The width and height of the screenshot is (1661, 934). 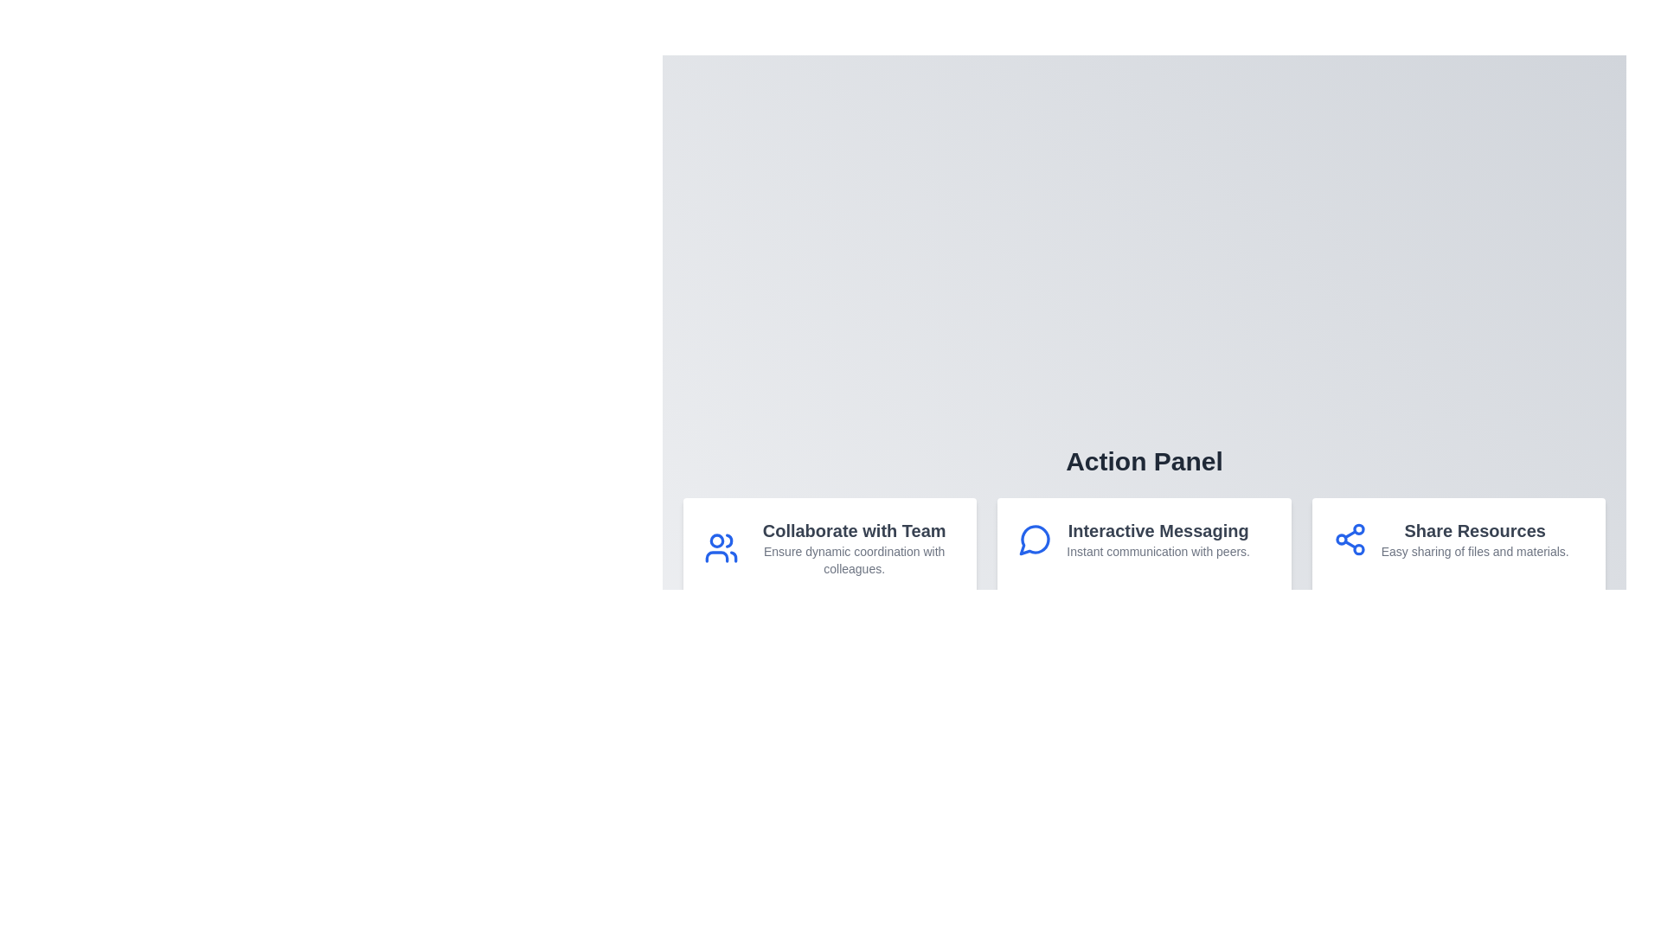 What do you see at coordinates (1458, 539) in the screenshot?
I see `on the third informational card in the bottom-right corner that provides information about resource sharing` at bounding box center [1458, 539].